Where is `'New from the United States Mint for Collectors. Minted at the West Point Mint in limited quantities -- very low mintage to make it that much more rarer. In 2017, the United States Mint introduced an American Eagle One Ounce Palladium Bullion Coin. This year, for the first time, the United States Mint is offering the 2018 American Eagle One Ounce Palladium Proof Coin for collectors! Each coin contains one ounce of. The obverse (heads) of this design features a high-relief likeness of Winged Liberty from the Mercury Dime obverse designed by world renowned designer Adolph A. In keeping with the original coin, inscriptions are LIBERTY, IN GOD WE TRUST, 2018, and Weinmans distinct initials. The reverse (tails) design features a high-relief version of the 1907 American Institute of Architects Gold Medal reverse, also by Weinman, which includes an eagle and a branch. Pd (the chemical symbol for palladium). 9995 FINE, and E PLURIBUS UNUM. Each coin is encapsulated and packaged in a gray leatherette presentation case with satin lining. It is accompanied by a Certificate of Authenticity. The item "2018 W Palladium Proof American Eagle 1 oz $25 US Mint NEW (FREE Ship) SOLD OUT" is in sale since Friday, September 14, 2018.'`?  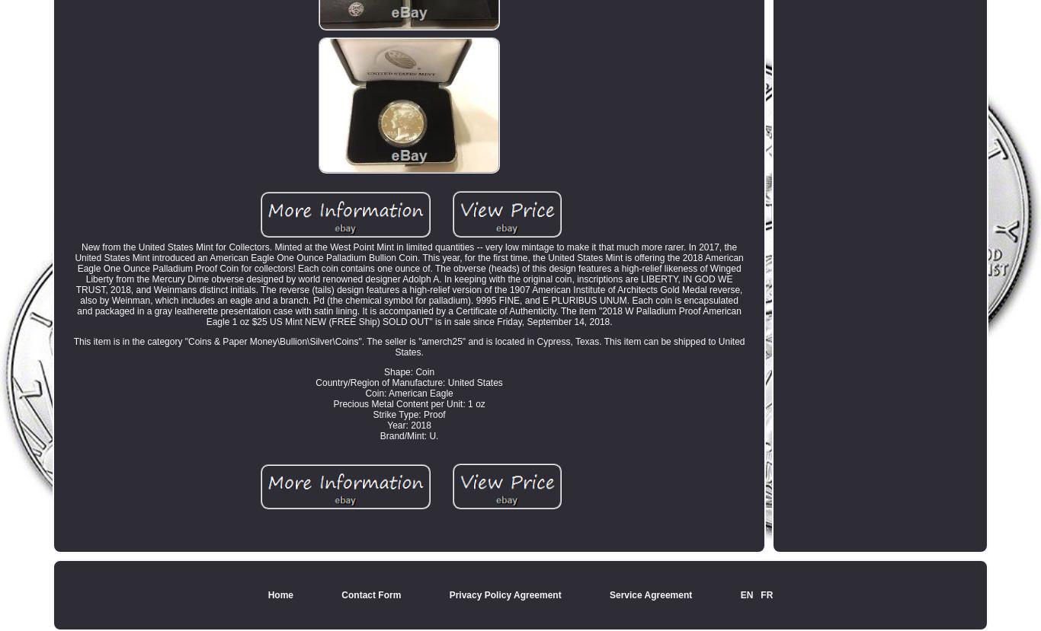 'New from the United States Mint for Collectors. Minted at the West Point Mint in limited quantities -- very low mintage to make it that much more rarer. In 2017, the United States Mint introduced an American Eagle One Ounce Palladium Bullion Coin. This year, for the first time, the United States Mint is offering the 2018 American Eagle One Ounce Palladium Proof Coin for collectors! Each coin contains one ounce of. The obverse (heads) of this design features a high-relief likeness of Winged Liberty from the Mercury Dime obverse designed by world renowned designer Adolph A. In keeping with the original coin, inscriptions are LIBERTY, IN GOD WE TRUST, 2018, and Weinmans distinct initials. The reverse (tails) design features a high-relief version of the 1907 American Institute of Architects Gold Medal reverse, also by Weinman, which includes an eagle and a branch. Pd (the chemical symbol for palladium). 9995 FINE, and E PLURIBUS UNUM. Each coin is encapsulated and packaged in a gray leatherette presentation case with satin lining. It is accompanied by a Certificate of Authenticity. The item "2018 W Palladium Proof American Eagle 1 oz $25 US Mint NEW (FREE Ship) SOLD OUT" is in sale since Friday, September 14, 2018.' is located at coordinates (408, 282).